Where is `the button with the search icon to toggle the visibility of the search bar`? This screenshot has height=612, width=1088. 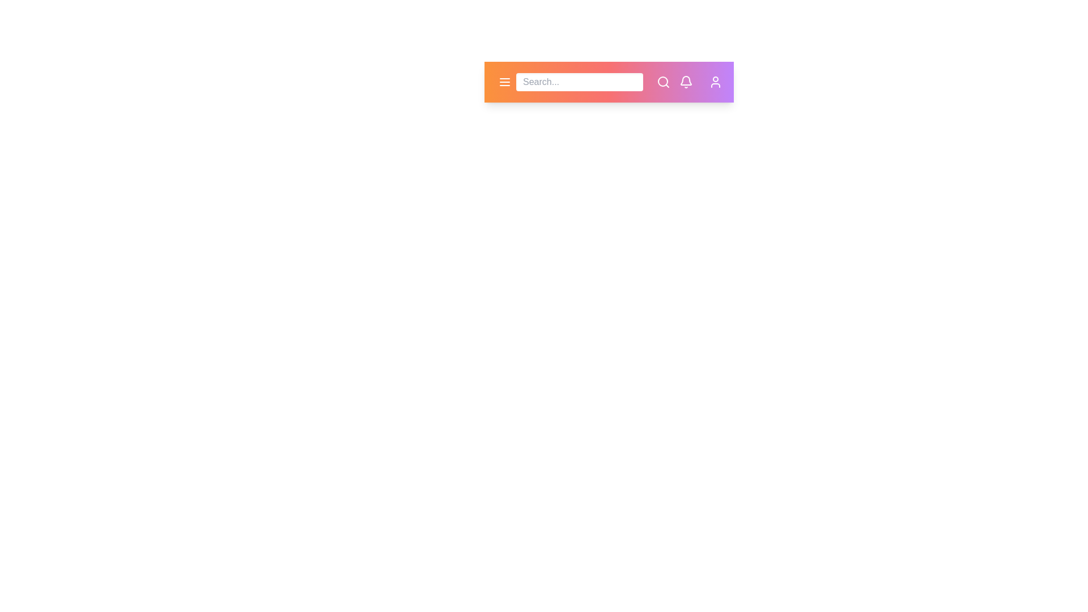 the button with the search icon to toggle the visibility of the search bar is located at coordinates (664, 82).